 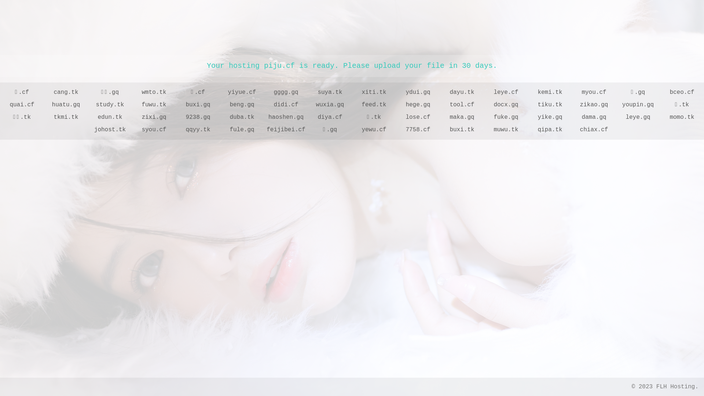 I want to click on 'quai.cf', so click(x=22, y=104).